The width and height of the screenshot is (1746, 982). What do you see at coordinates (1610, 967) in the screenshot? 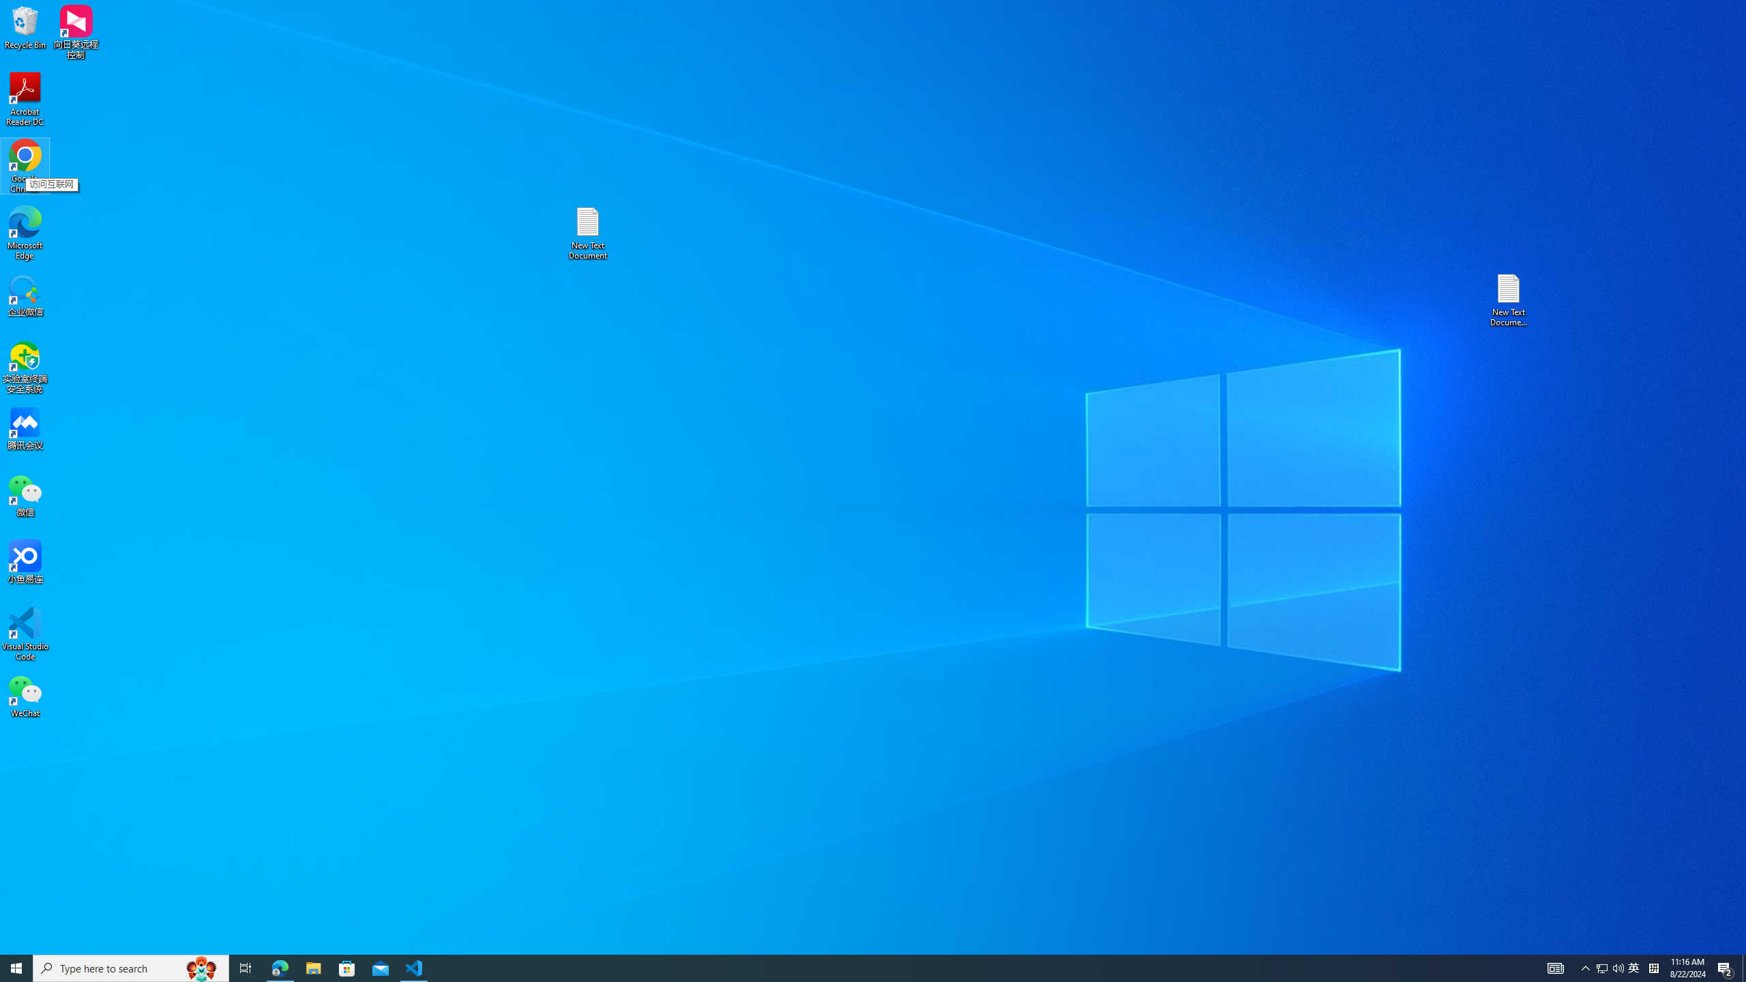
I see `'User Promoted Notification Area'` at bounding box center [1610, 967].